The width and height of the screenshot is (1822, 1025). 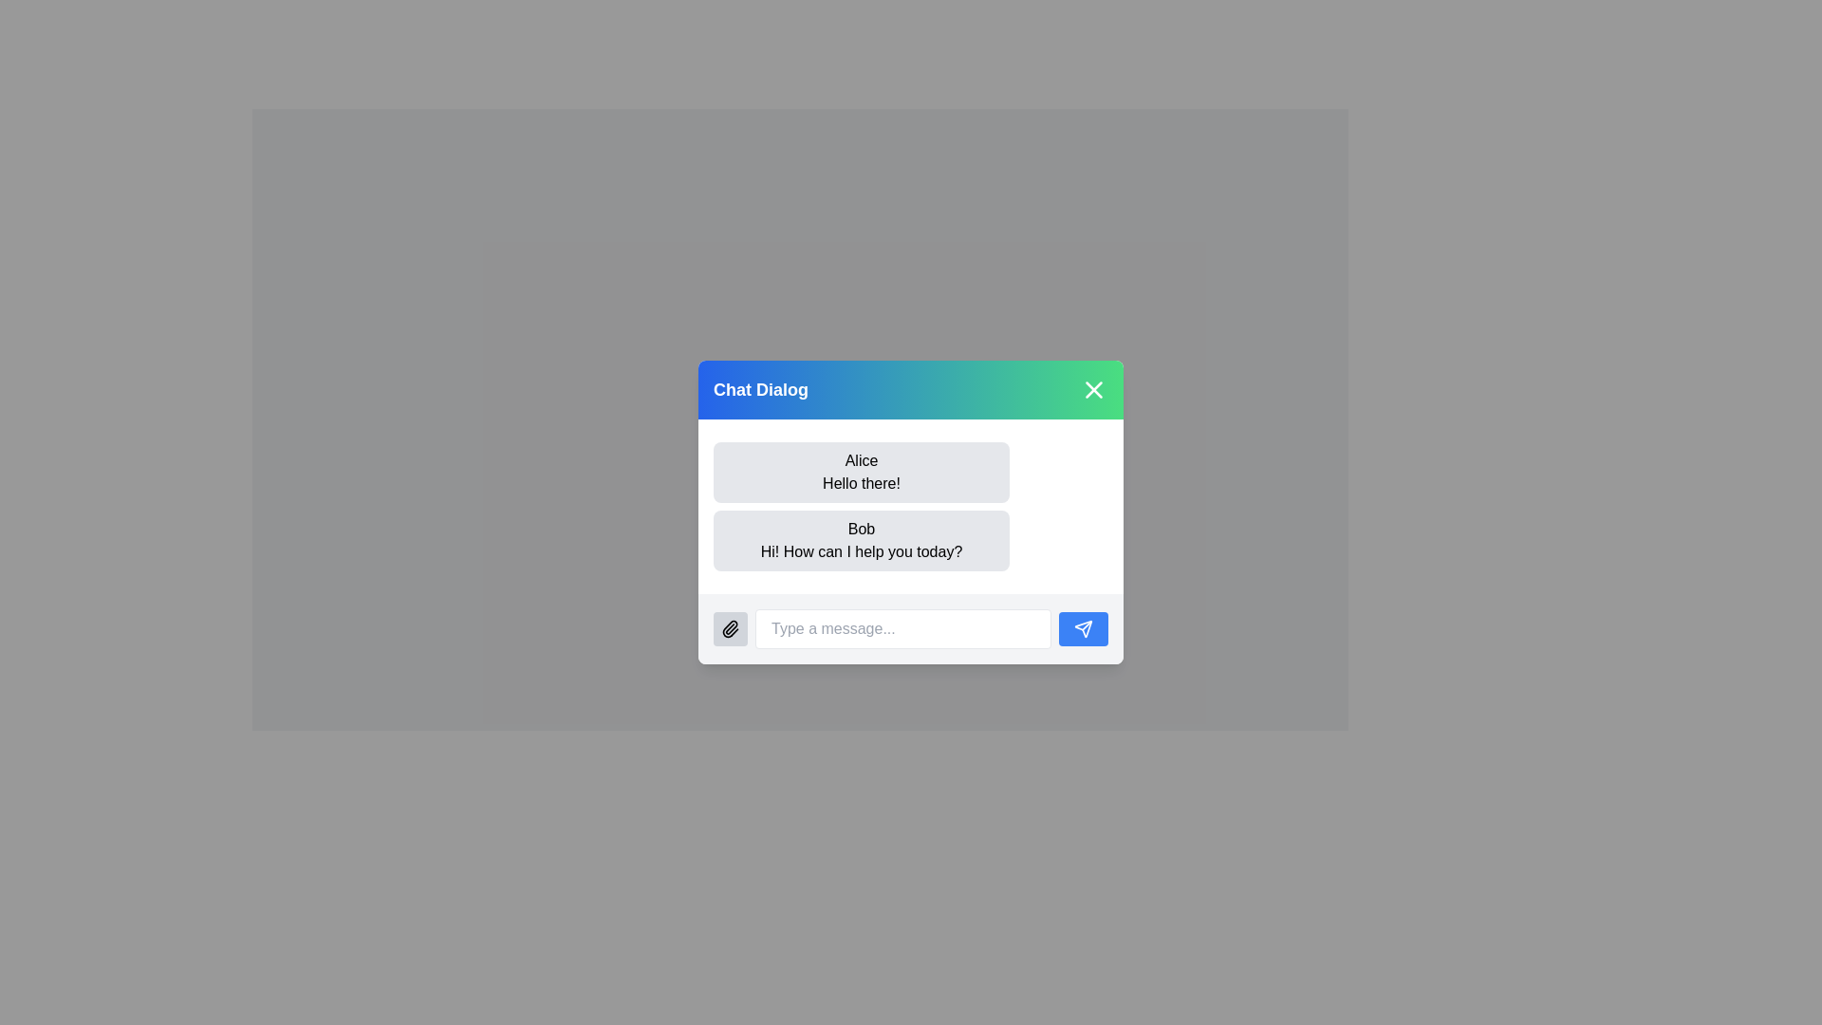 What do you see at coordinates (860, 530) in the screenshot?
I see `the Text label displaying the name of the sender in the chat dialog interface, located above the message text` at bounding box center [860, 530].